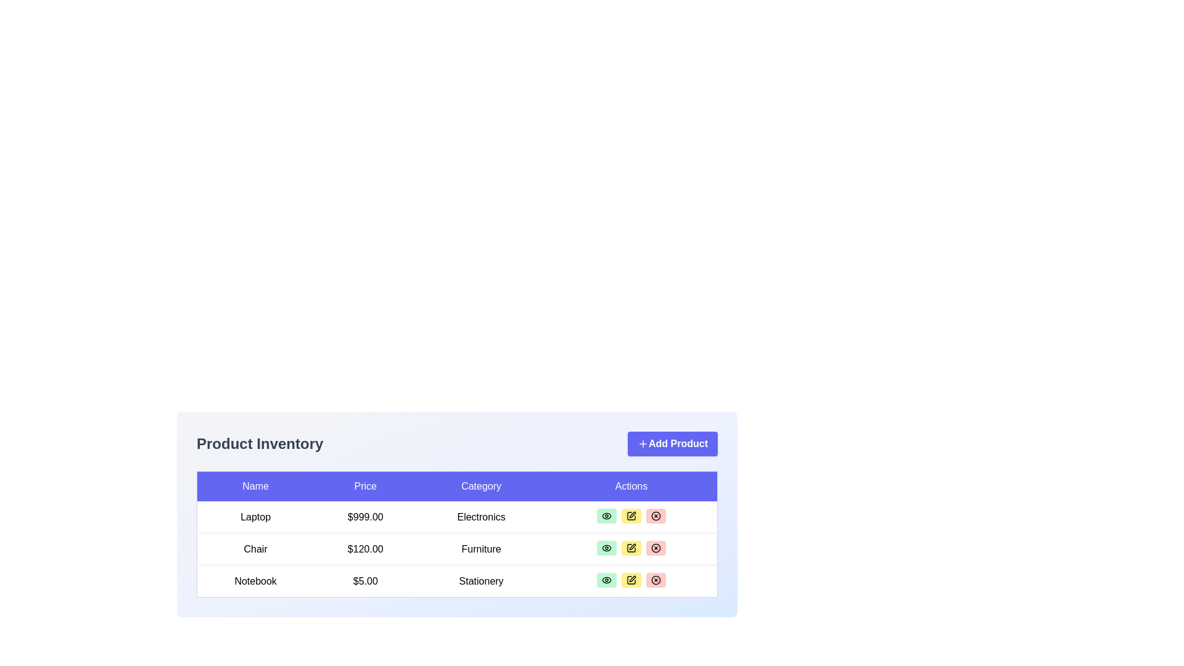  What do you see at coordinates (655, 547) in the screenshot?
I see `the circular red button with a cross inside, located in the 'Actions' column for the 'Chair' item` at bounding box center [655, 547].